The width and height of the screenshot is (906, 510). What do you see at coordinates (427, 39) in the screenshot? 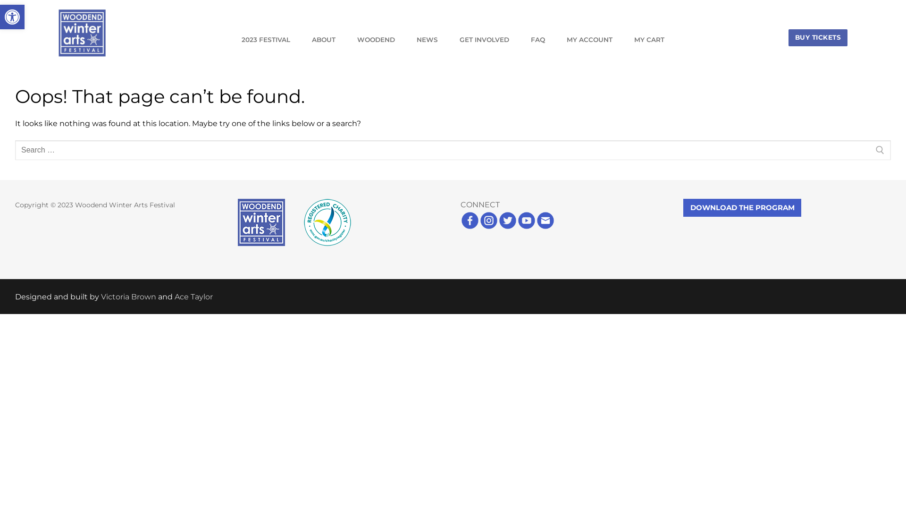
I see `'NEWS'` at bounding box center [427, 39].